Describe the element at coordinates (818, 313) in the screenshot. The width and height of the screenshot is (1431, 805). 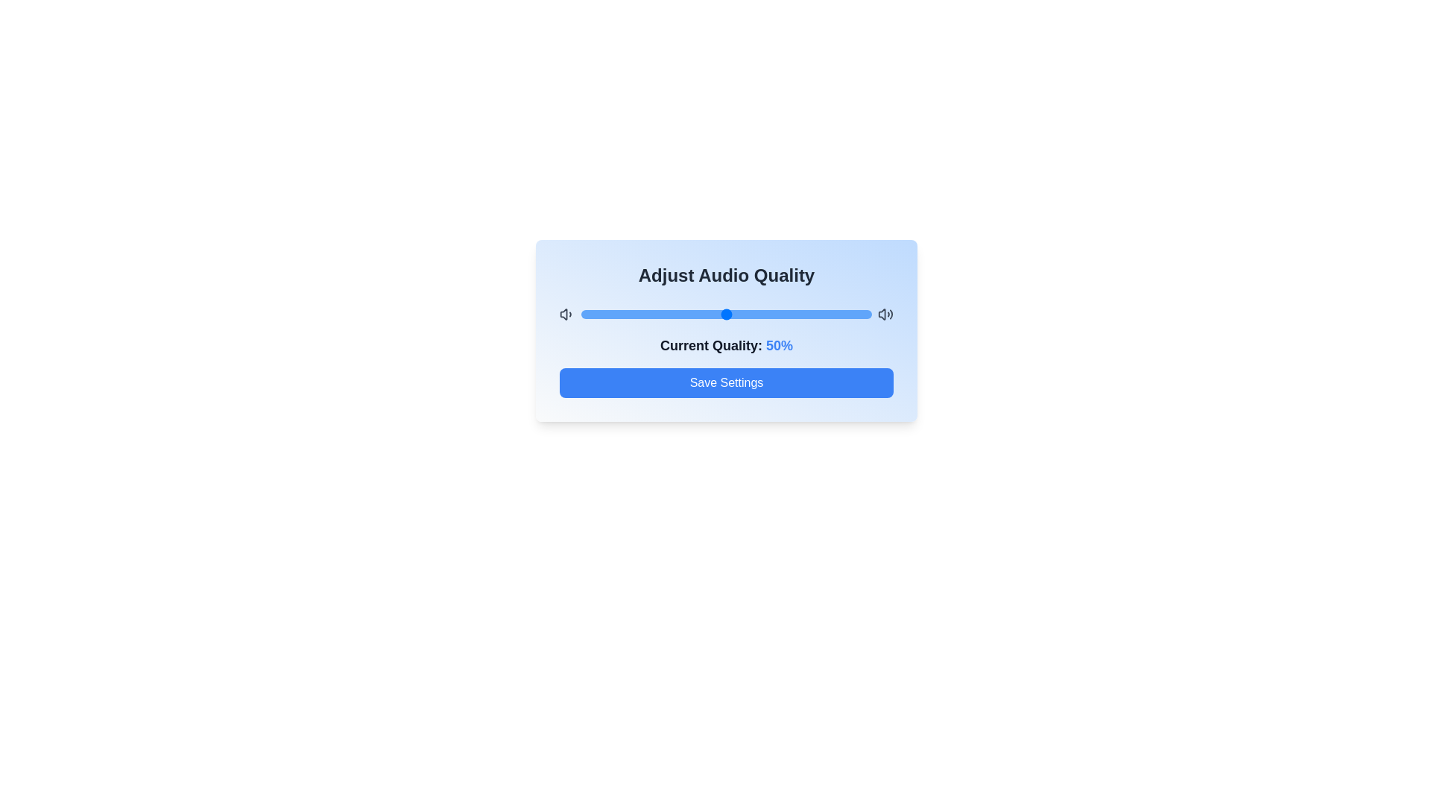
I see `the audio quality to 82% by dragging the slider` at that location.